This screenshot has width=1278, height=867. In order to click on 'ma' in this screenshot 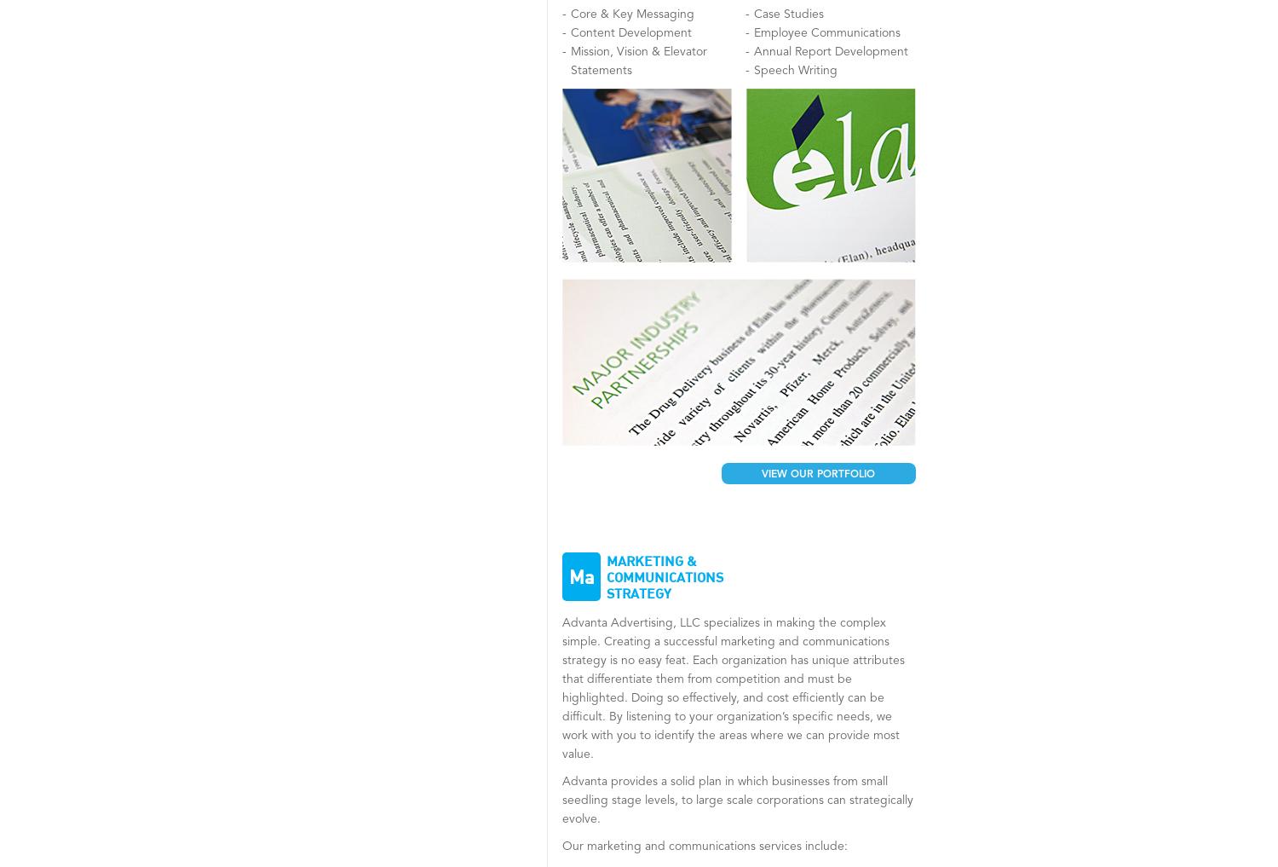, I will do `click(568, 575)`.